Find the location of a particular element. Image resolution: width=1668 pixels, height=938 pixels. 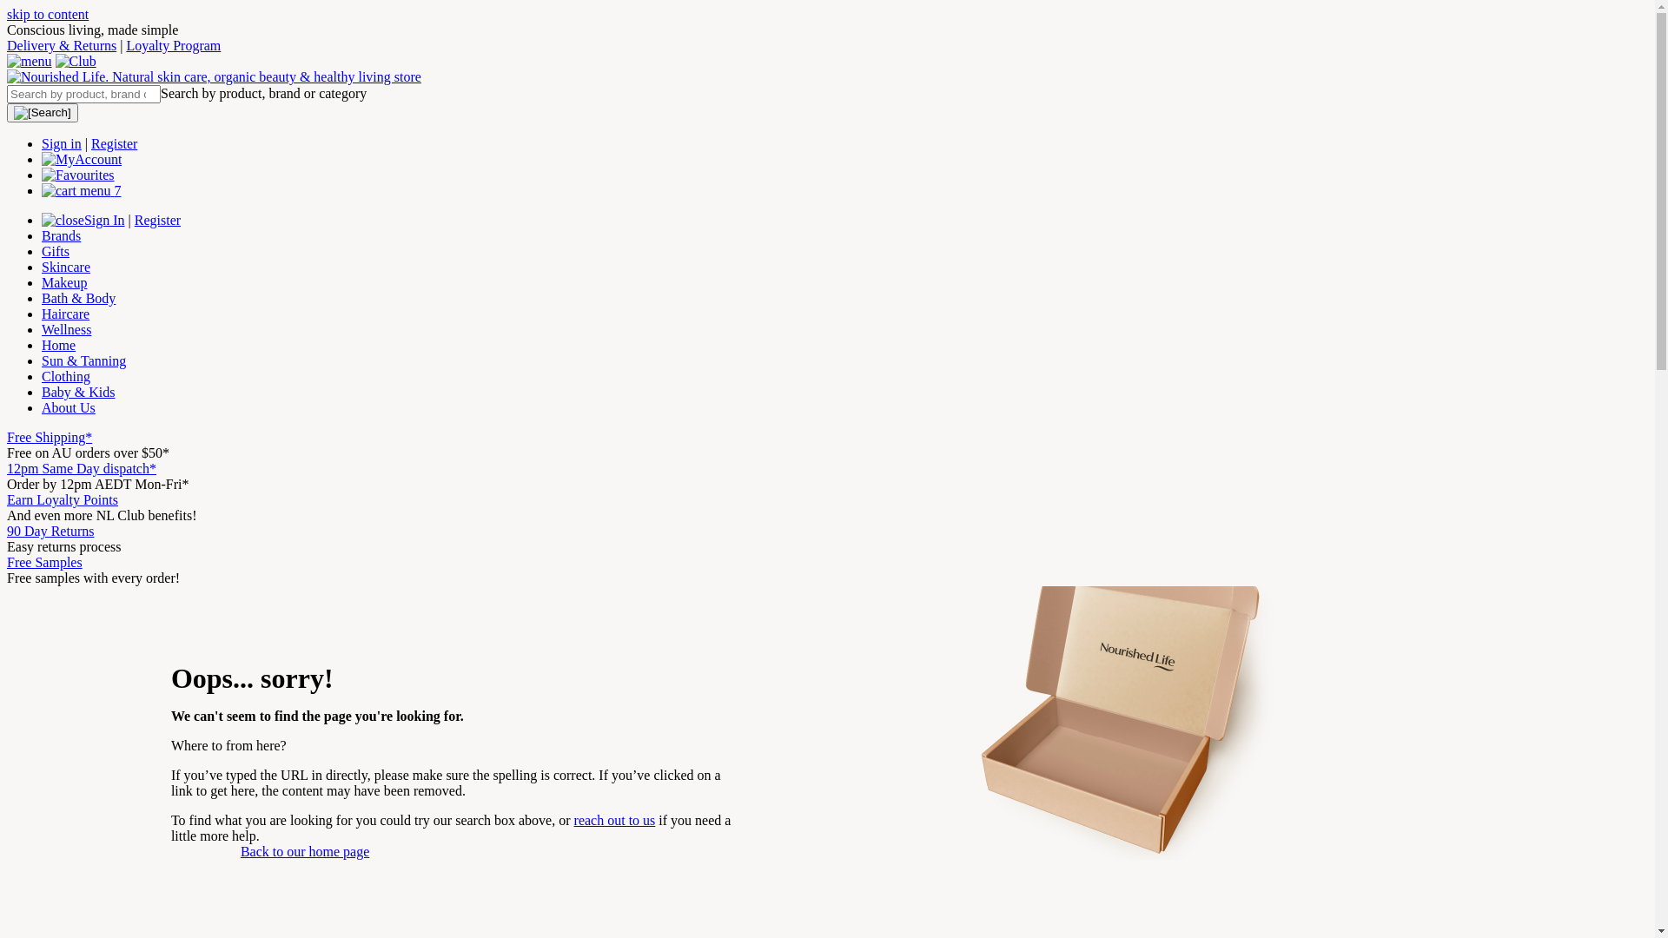

'Delivery & Returns' is located at coordinates (7, 44).